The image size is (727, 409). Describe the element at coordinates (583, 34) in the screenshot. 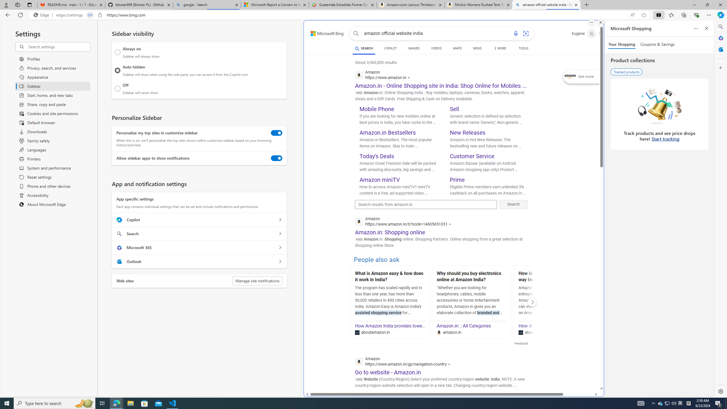

I see `'Eugene'` at that location.